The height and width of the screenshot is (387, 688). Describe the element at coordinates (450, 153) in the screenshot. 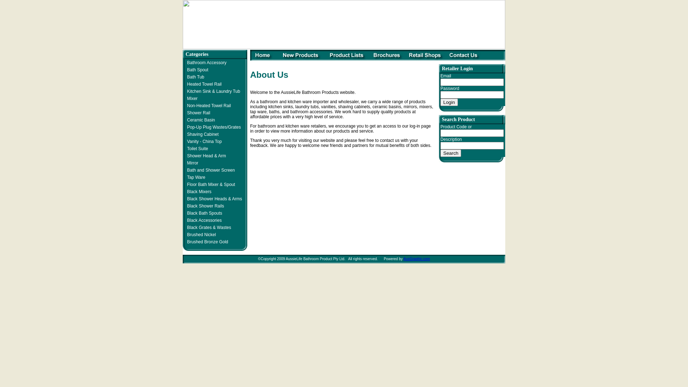

I see `'Search'` at that location.